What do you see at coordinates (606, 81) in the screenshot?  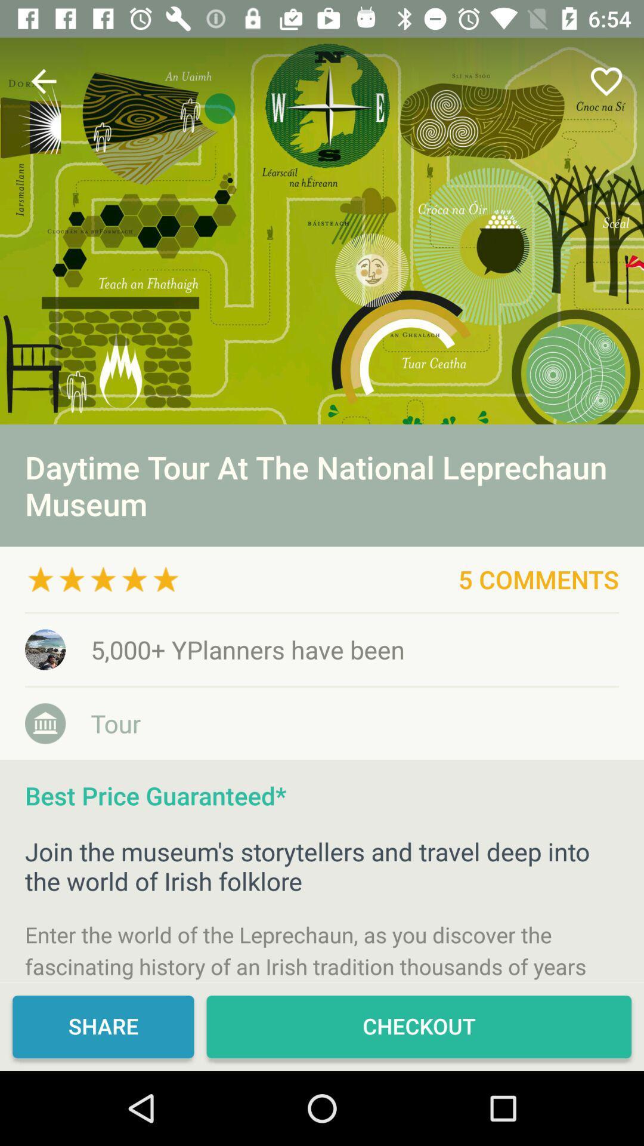 I see `the icon above the daytime tour at` at bounding box center [606, 81].